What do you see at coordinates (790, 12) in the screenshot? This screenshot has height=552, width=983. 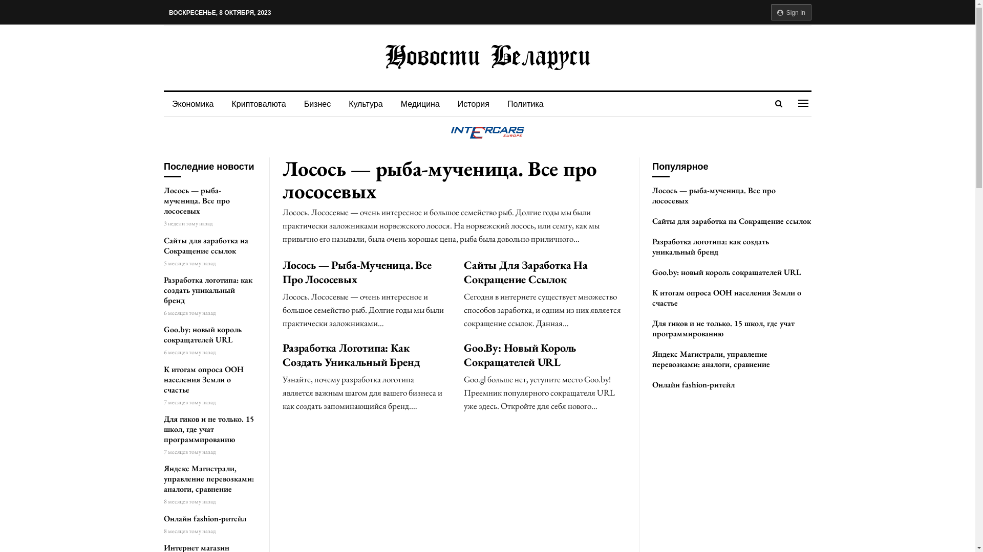 I see `'Sign In'` at bounding box center [790, 12].